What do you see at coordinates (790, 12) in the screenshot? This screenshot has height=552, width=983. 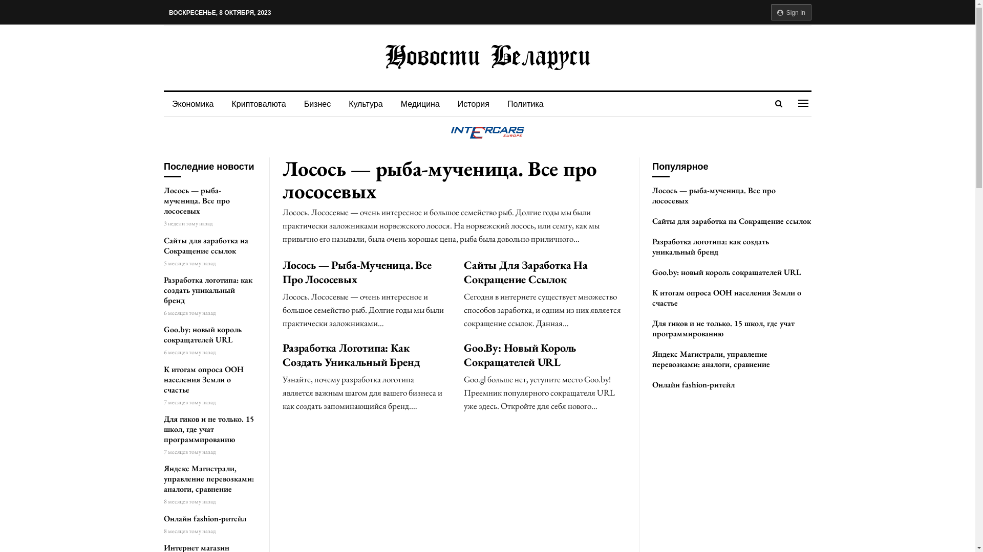 I see `'Sign In'` at bounding box center [790, 12].